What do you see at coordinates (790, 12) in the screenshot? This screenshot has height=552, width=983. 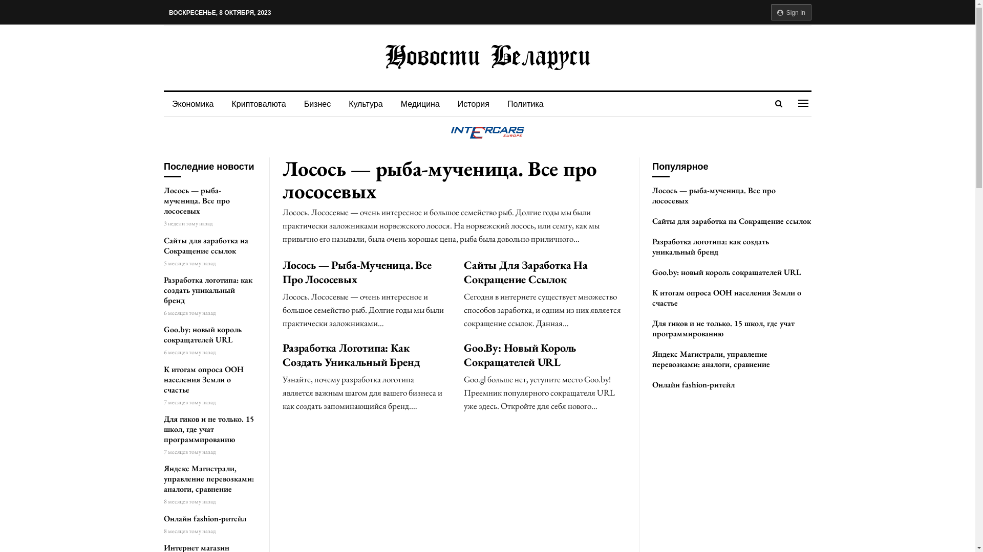 I see `'Sign In'` at bounding box center [790, 12].